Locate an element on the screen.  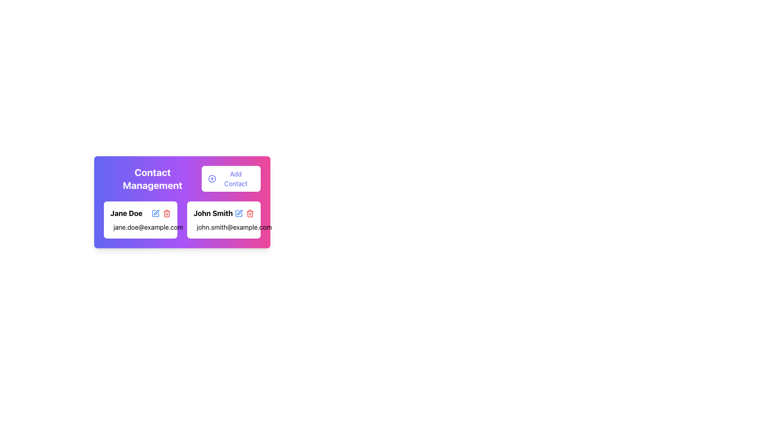
the Text Label displaying 'Jane Doe', which is prominently styled in bold and larger font, located at the top left of the contact details card is located at coordinates (140, 213).